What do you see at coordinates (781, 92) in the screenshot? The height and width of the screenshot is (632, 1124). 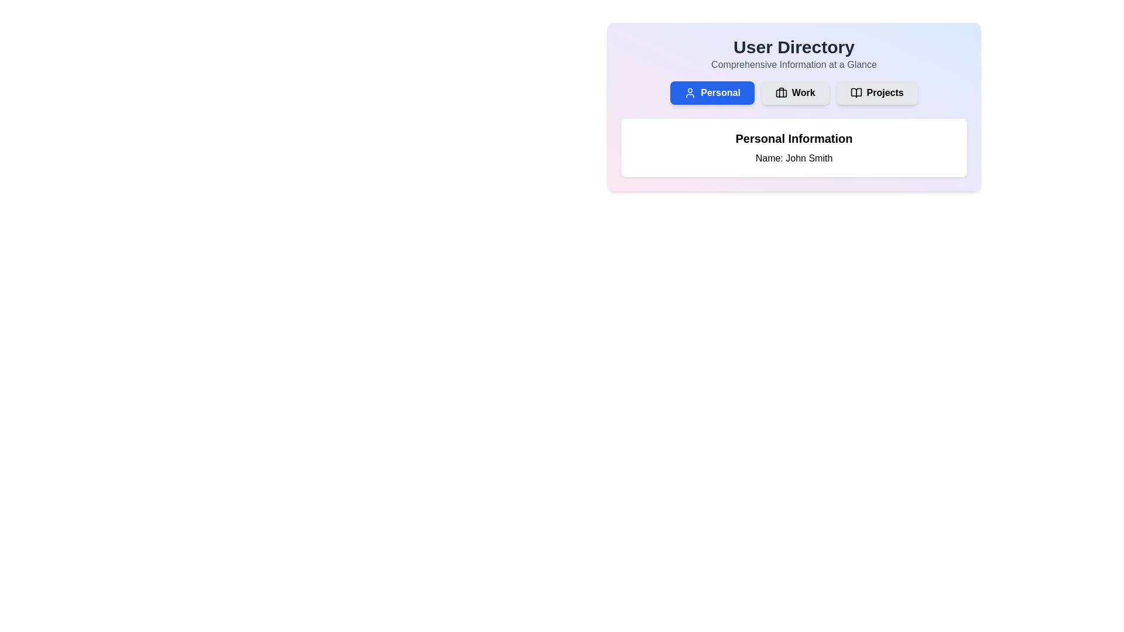 I see `the SVG rectangle element representing the briefcase icon in the 'Work' section of the main navigation bar` at bounding box center [781, 92].